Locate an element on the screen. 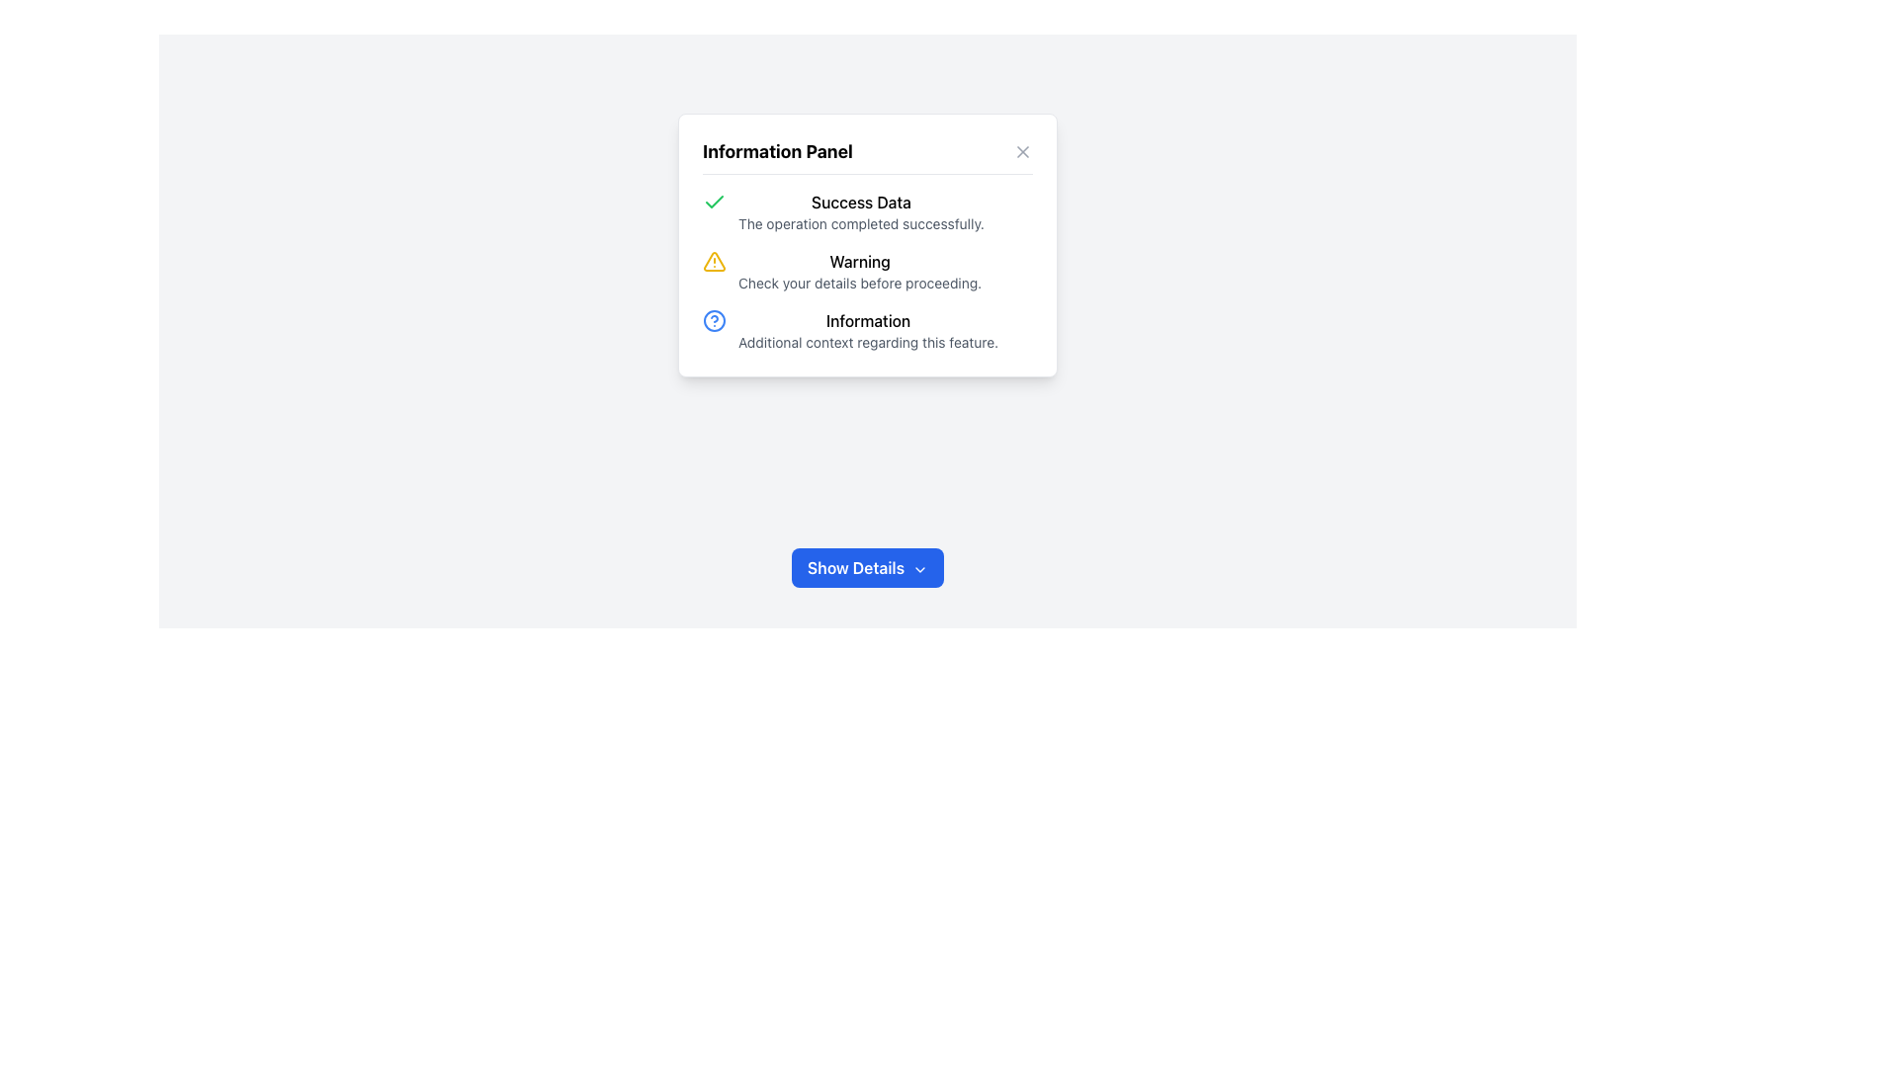  the close button located in the top right-hand corner of the 'Information Panel' is located at coordinates (1023, 151).